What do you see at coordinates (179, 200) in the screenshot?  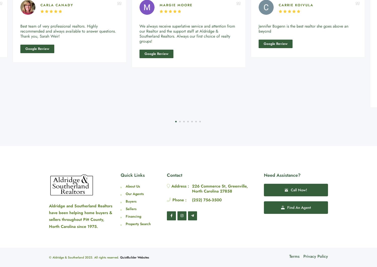 I see `'Phone :'` at bounding box center [179, 200].